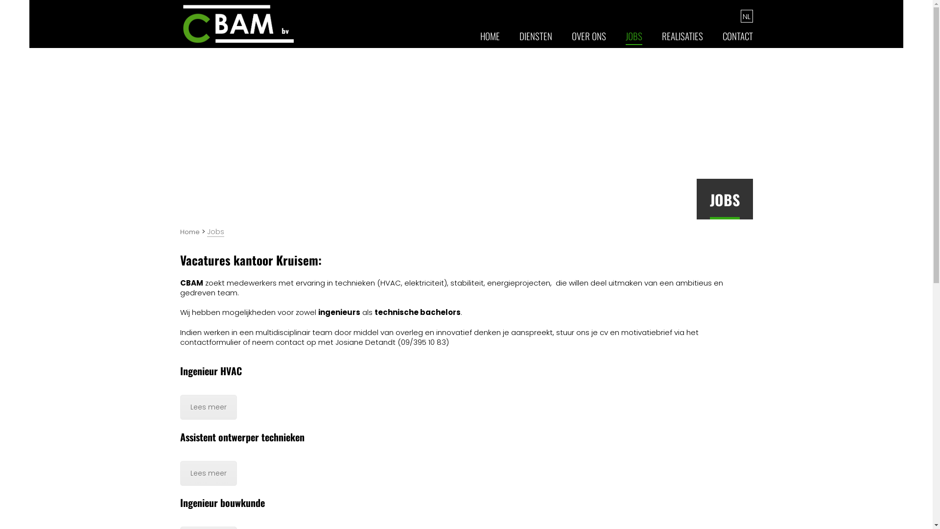  What do you see at coordinates (634, 39) in the screenshot?
I see `'JOBS'` at bounding box center [634, 39].